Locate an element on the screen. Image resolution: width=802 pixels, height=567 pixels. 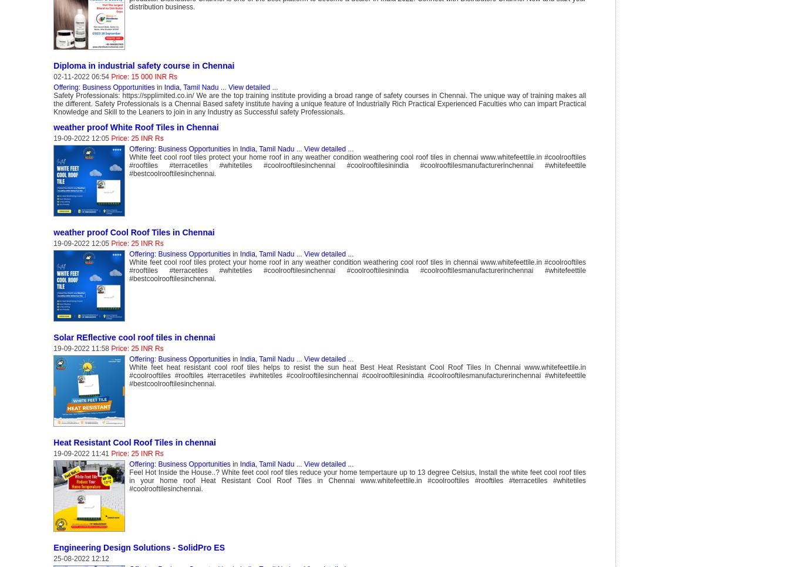
'25-08-2022 12:12' is located at coordinates (80, 558).